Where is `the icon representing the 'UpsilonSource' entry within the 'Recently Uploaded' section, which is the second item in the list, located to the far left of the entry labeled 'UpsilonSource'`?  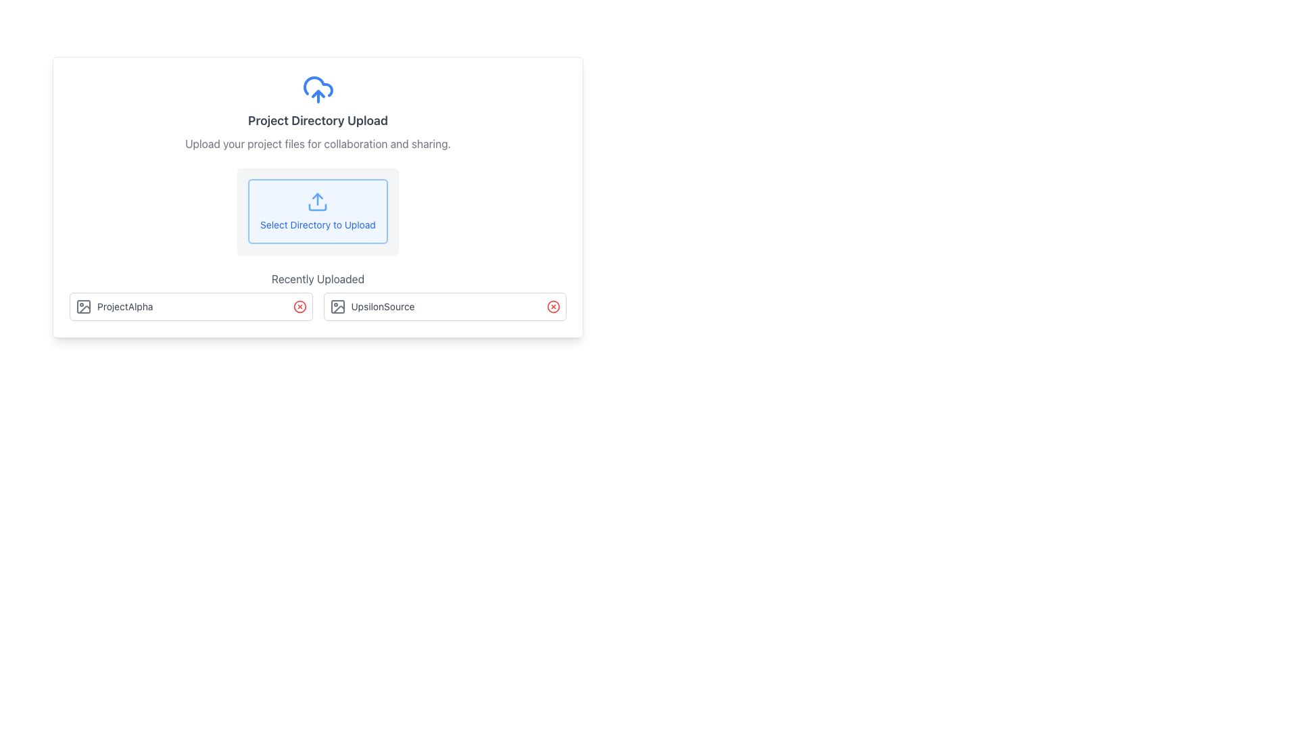 the icon representing the 'UpsilonSource' entry within the 'Recently Uploaded' section, which is the second item in the list, located to the far left of the entry labeled 'UpsilonSource' is located at coordinates (337, 307).